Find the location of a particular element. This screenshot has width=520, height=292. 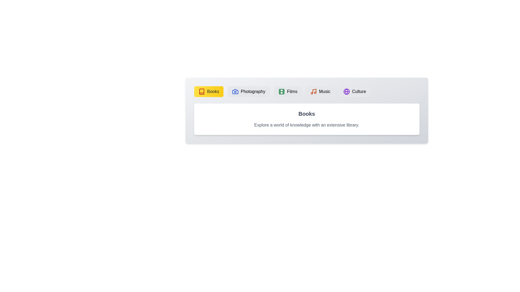

the tab labeled Books is located at coordinates (208, 91).